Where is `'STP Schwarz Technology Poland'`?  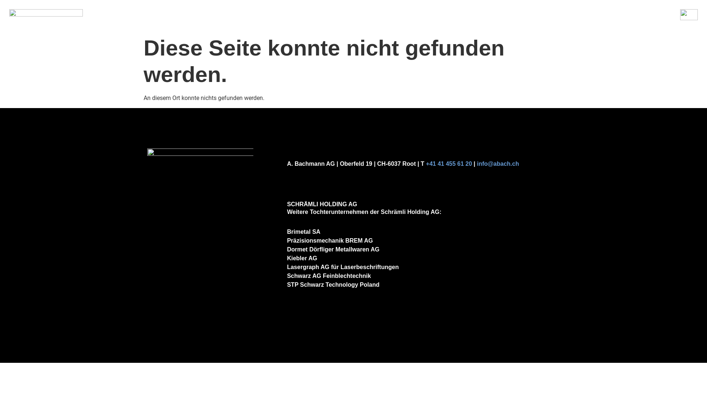 'STP Schwarz Technology Poland' is located at coordinates (333, 284).